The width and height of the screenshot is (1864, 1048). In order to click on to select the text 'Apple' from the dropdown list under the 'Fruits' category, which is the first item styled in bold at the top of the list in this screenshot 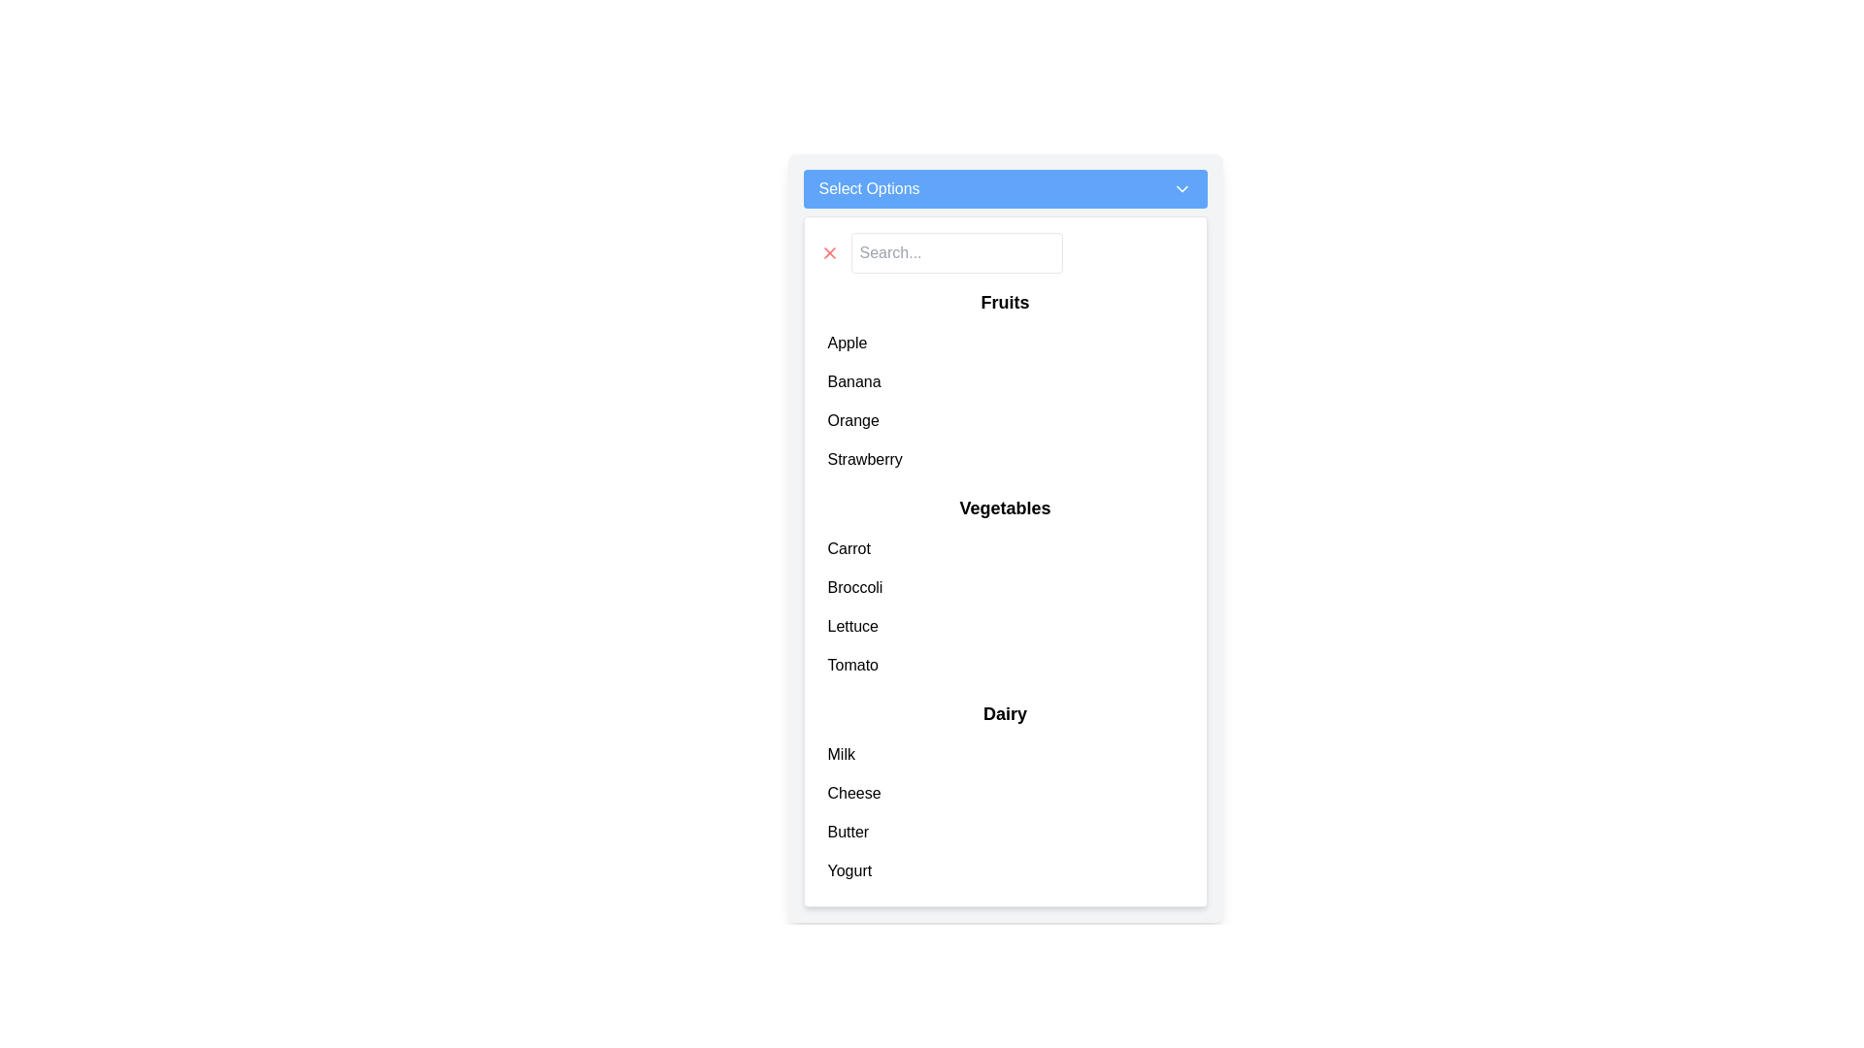, I will do `click(848, 343)`.